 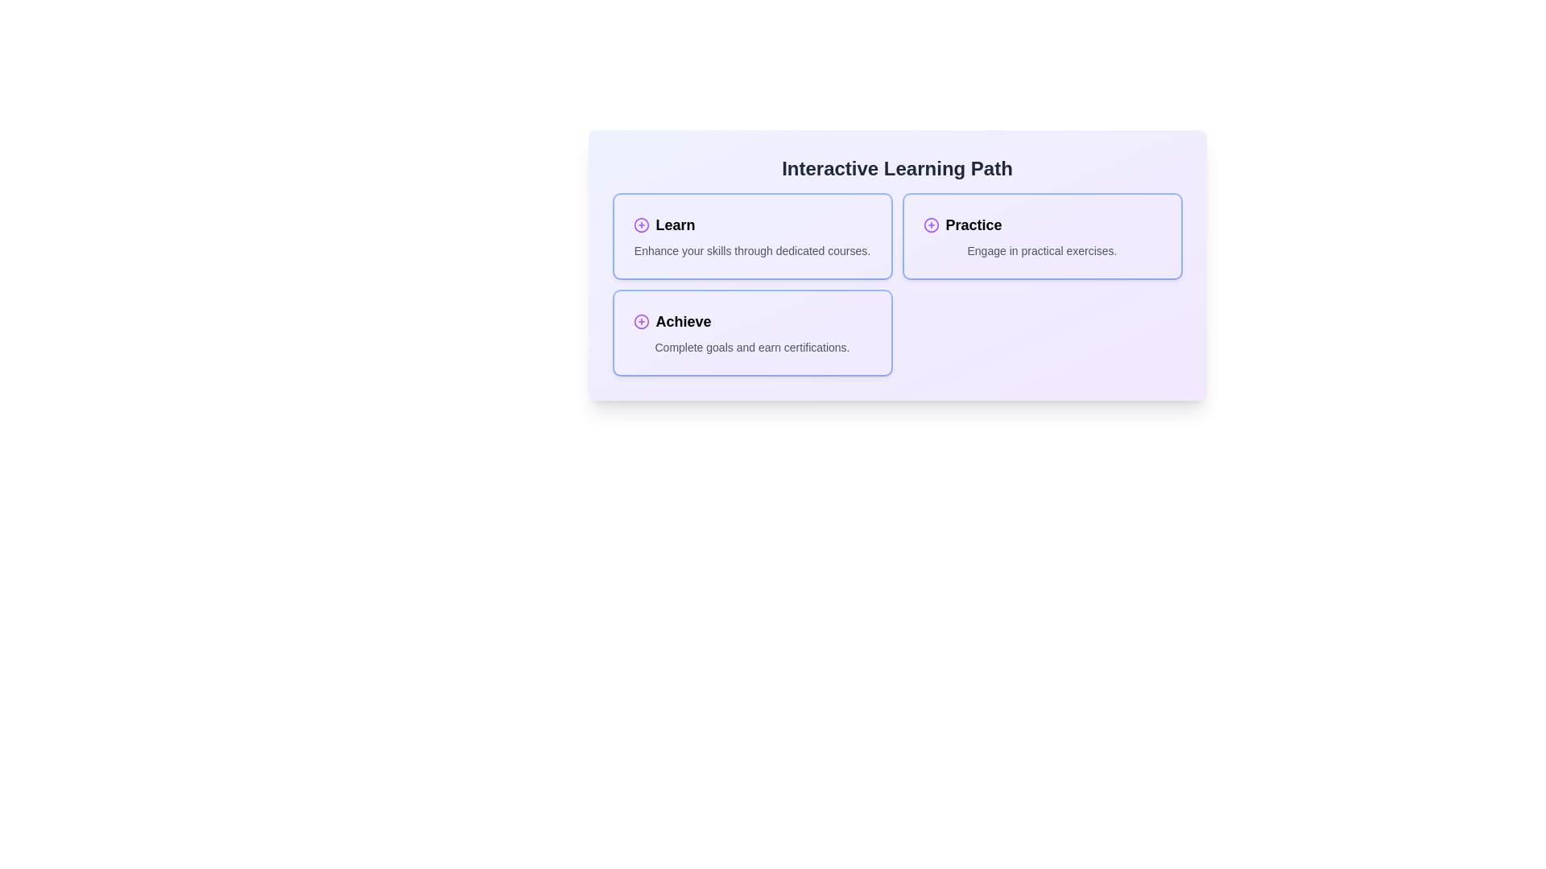 I want to click on the third selectable card located in the bottom-left corner of the group, positioned below the 'Learn' card and to the left of the 'Practice' card, so click(x=751, y=332).